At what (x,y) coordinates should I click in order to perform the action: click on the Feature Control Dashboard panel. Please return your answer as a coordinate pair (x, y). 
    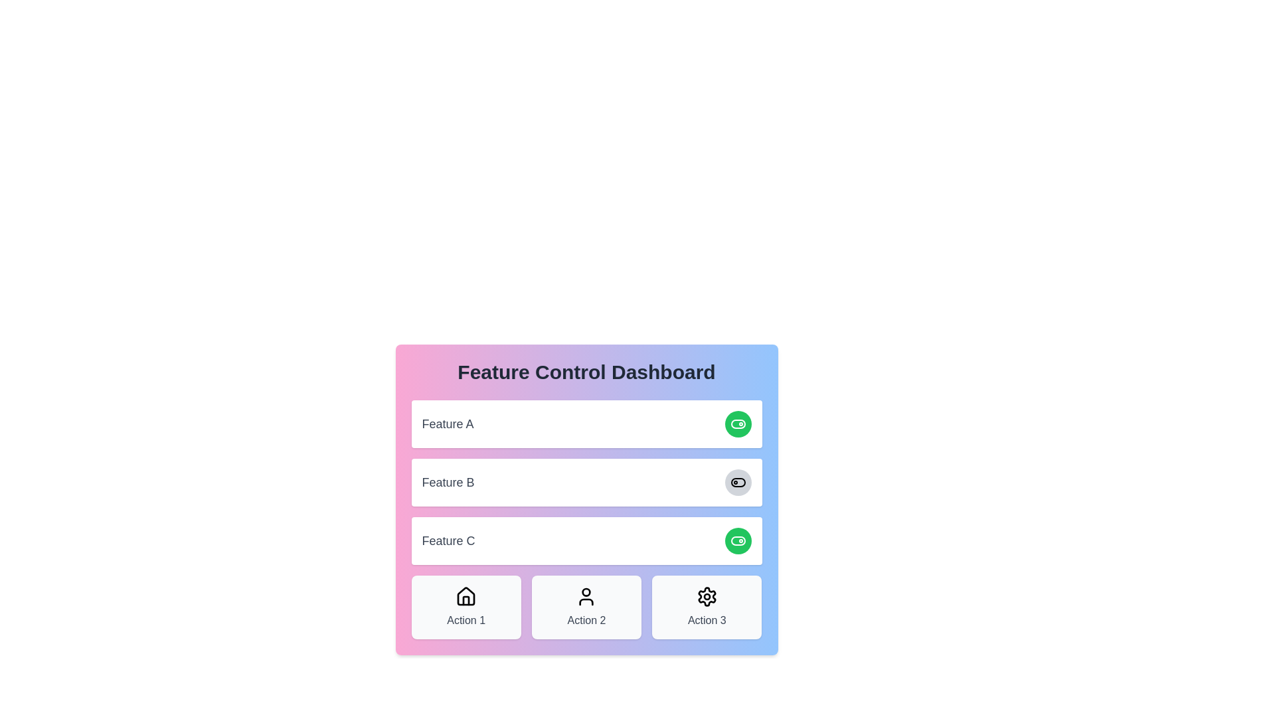
    Looking at the image, I should click on (586, 499).